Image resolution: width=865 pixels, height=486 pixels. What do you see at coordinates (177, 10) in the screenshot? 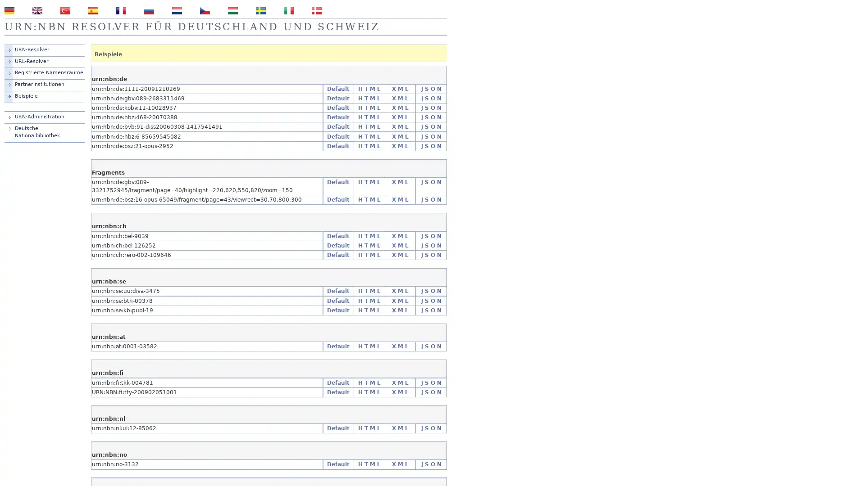
I see `nl` at bounding box center [177, 10].